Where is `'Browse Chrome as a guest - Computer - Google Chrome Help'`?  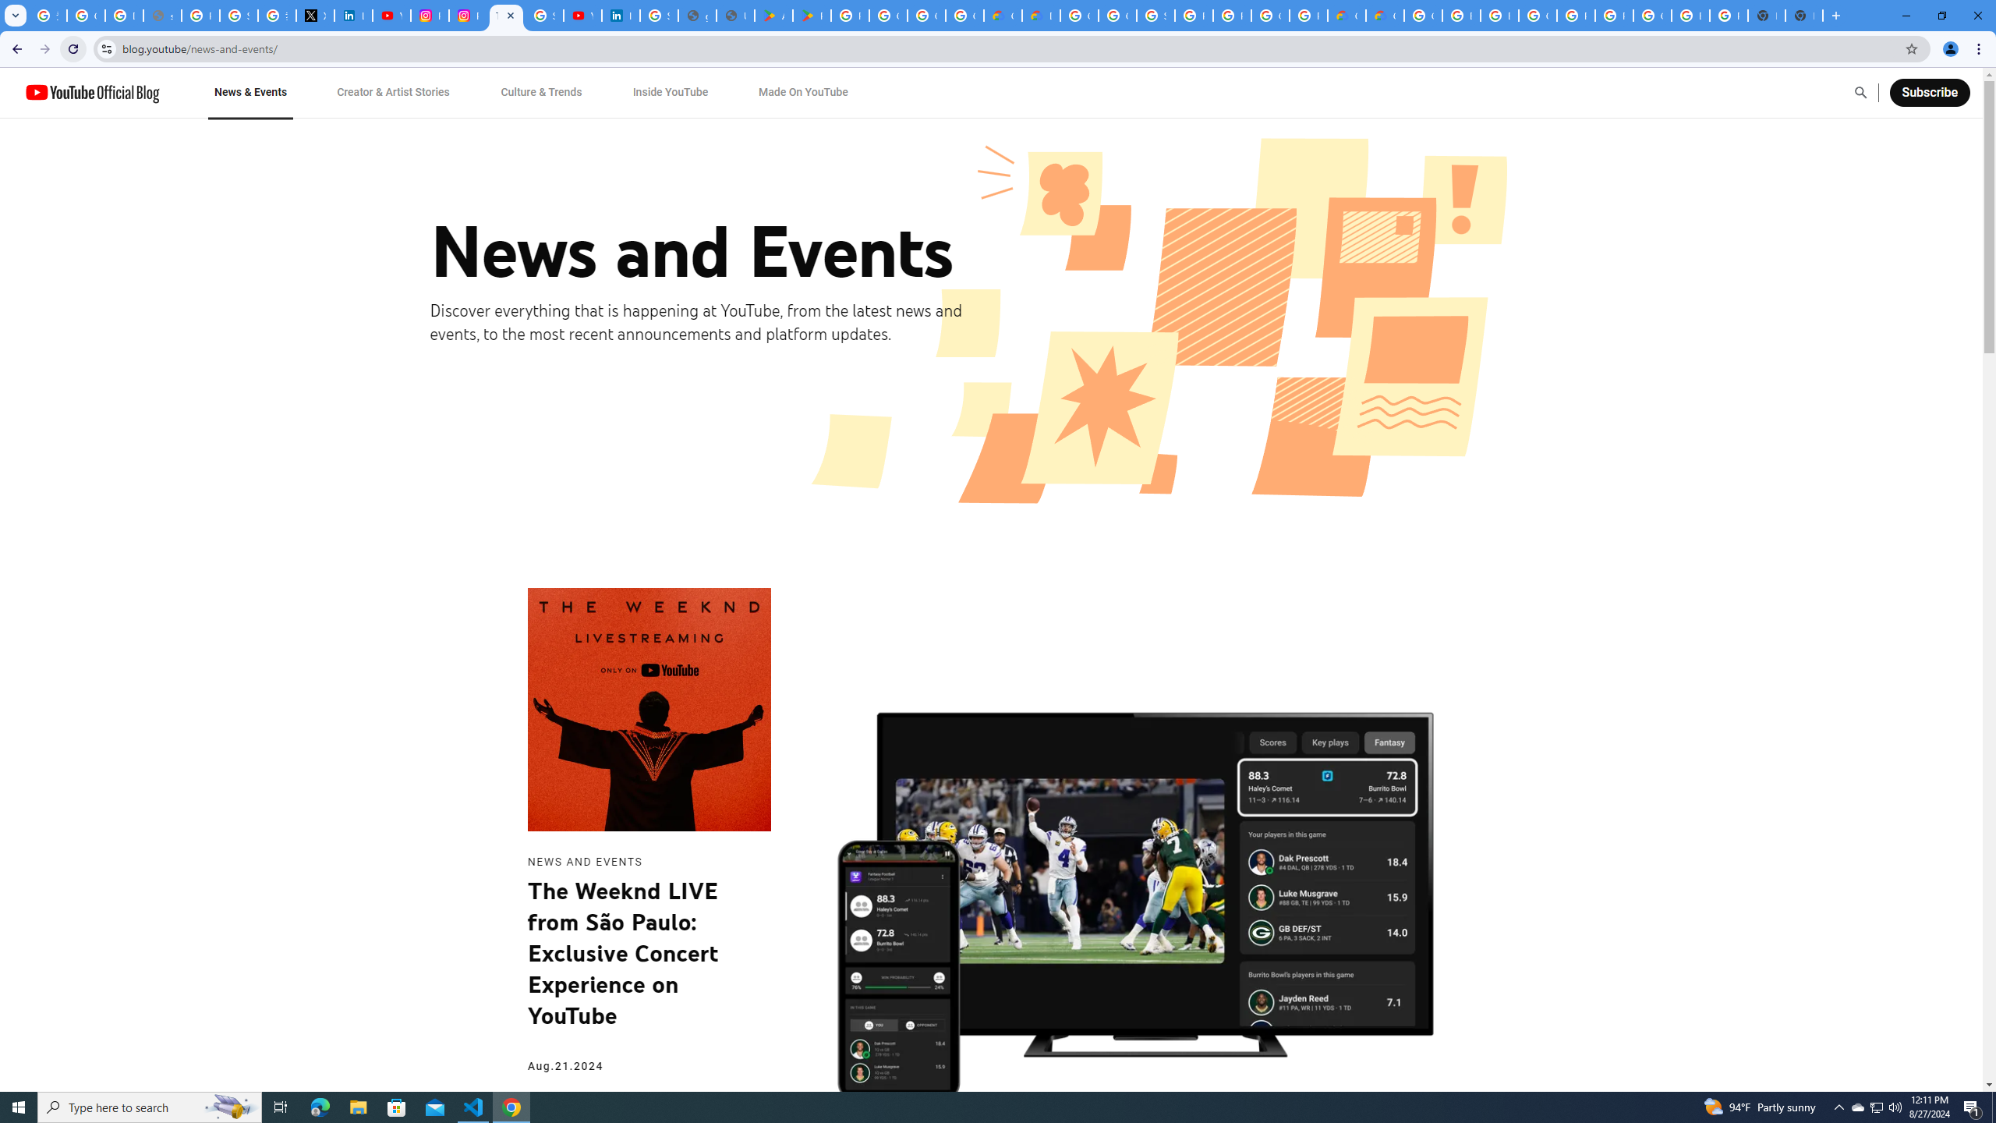
'Browse Chrome as a guest - Computer - Google Chrome Help' is located at coordinates (1460, 15).